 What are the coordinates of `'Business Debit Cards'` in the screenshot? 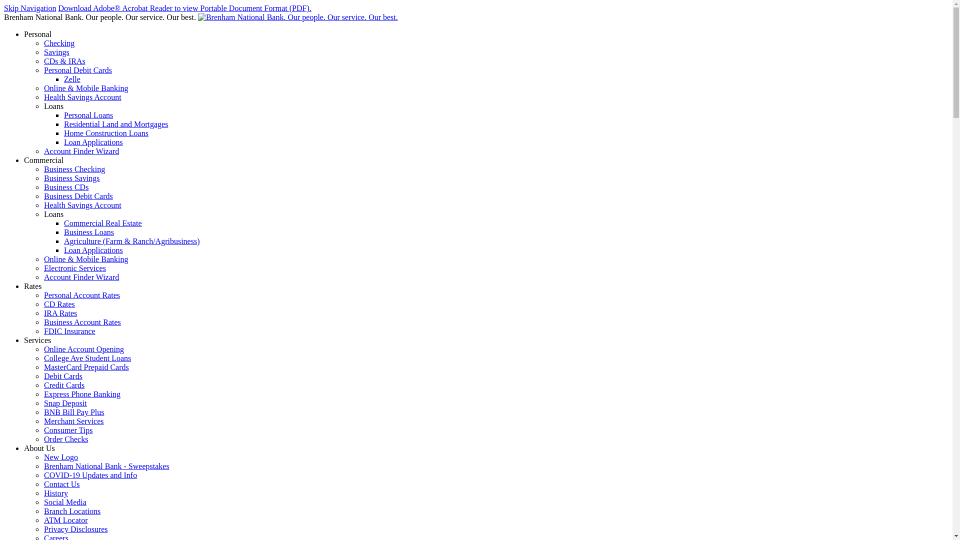 It's located at (78, 196).